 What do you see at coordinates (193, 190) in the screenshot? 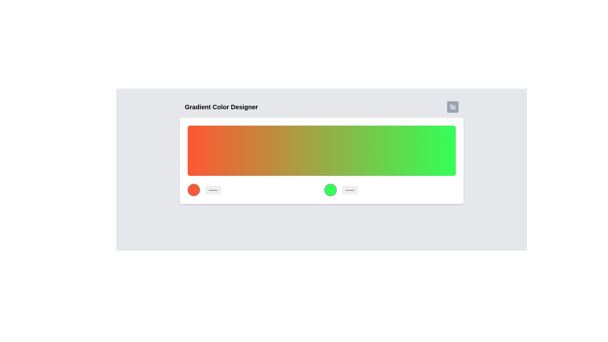
I see `the color indicator element, which visually represents the currently selected color in the gradient color designer application located at the leftmost position of a horizontal layout` at bounding box center [193, 190].